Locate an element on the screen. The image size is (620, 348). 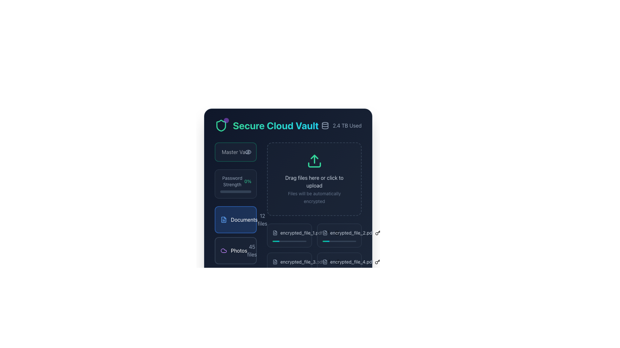
the first interactive icon (key icon) in the action buttons group located to the right of 'encrypted_file_2.pdf' to trigger the hover effect is located at coordinates (332, 233).